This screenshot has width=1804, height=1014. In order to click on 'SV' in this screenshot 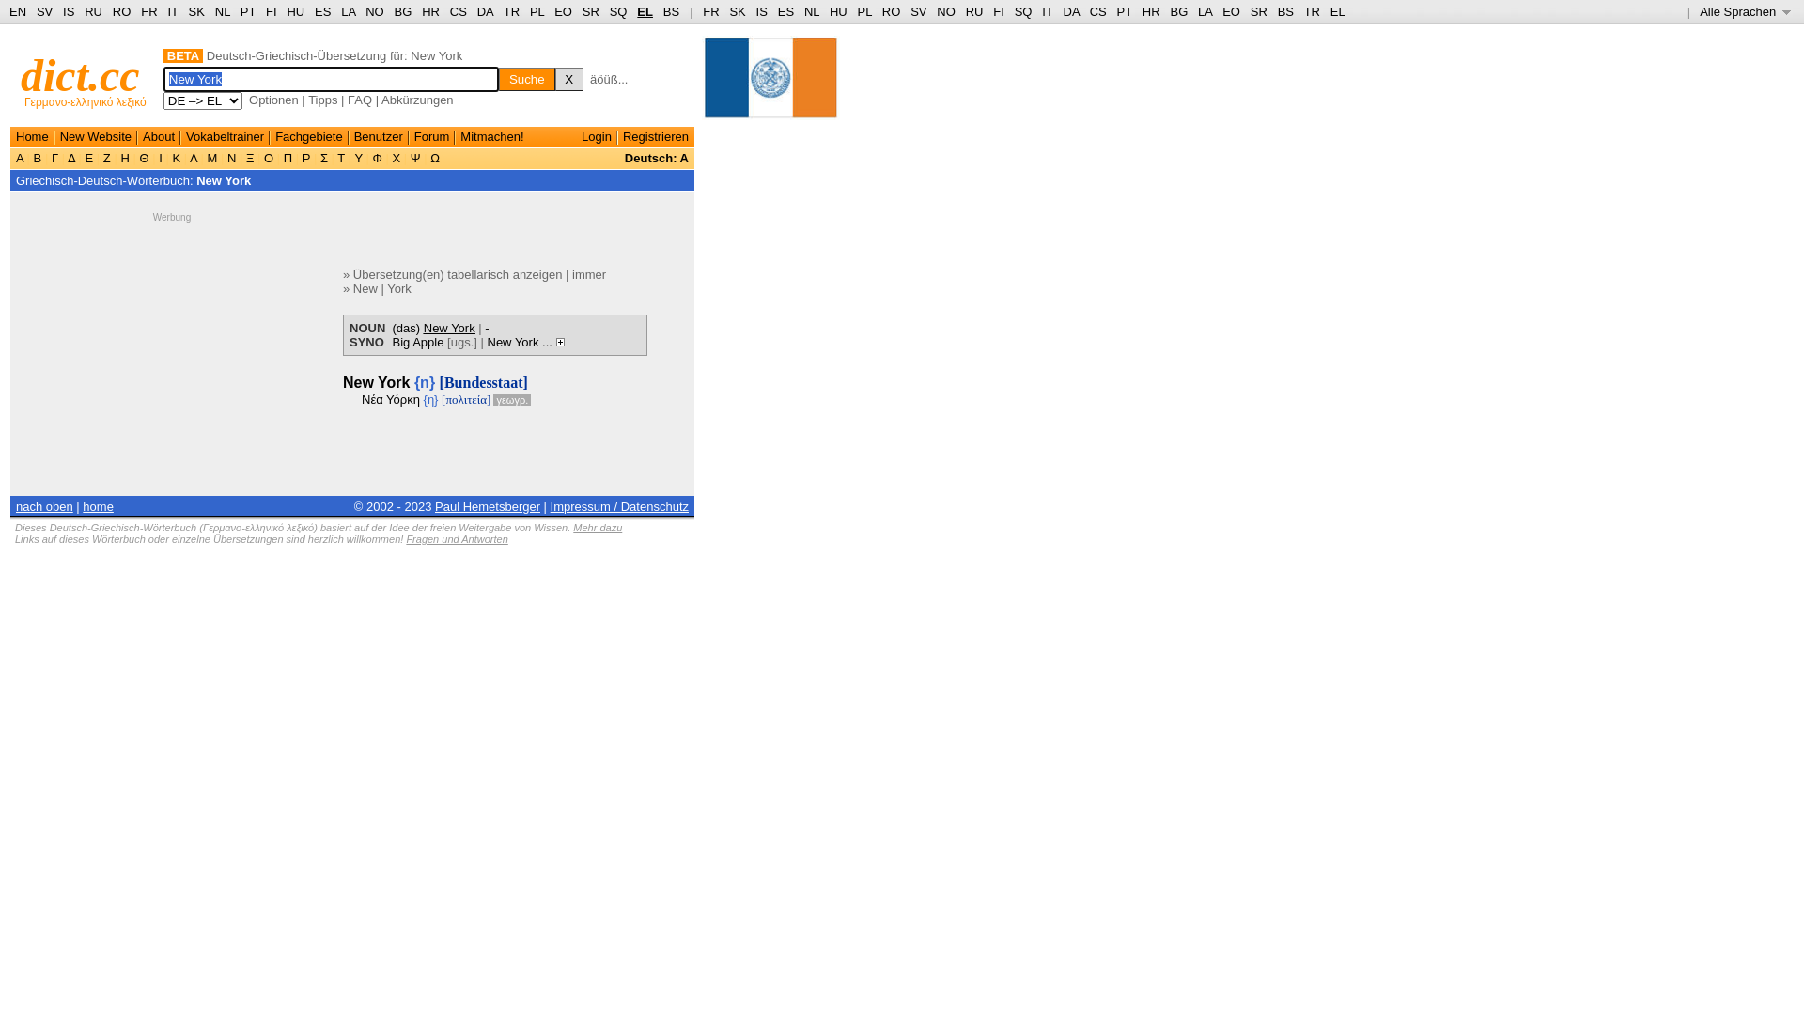, I will do `click(44, 11)`.